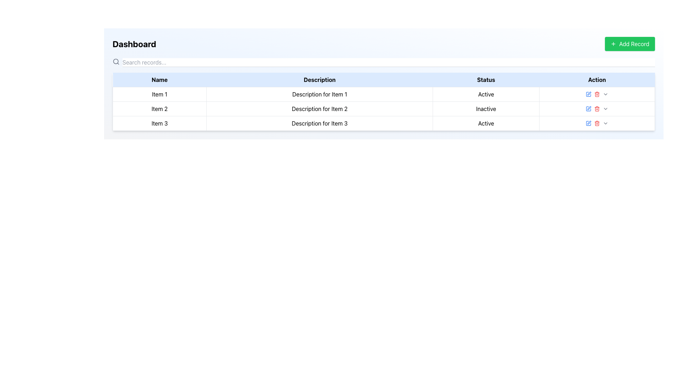 This screenshot has height=383, width=682. I want to click on text content from the Text Display located in the second cell of the first row under the 'Description' column, next to 'Item 1' and 'Active', so click(319, 94).